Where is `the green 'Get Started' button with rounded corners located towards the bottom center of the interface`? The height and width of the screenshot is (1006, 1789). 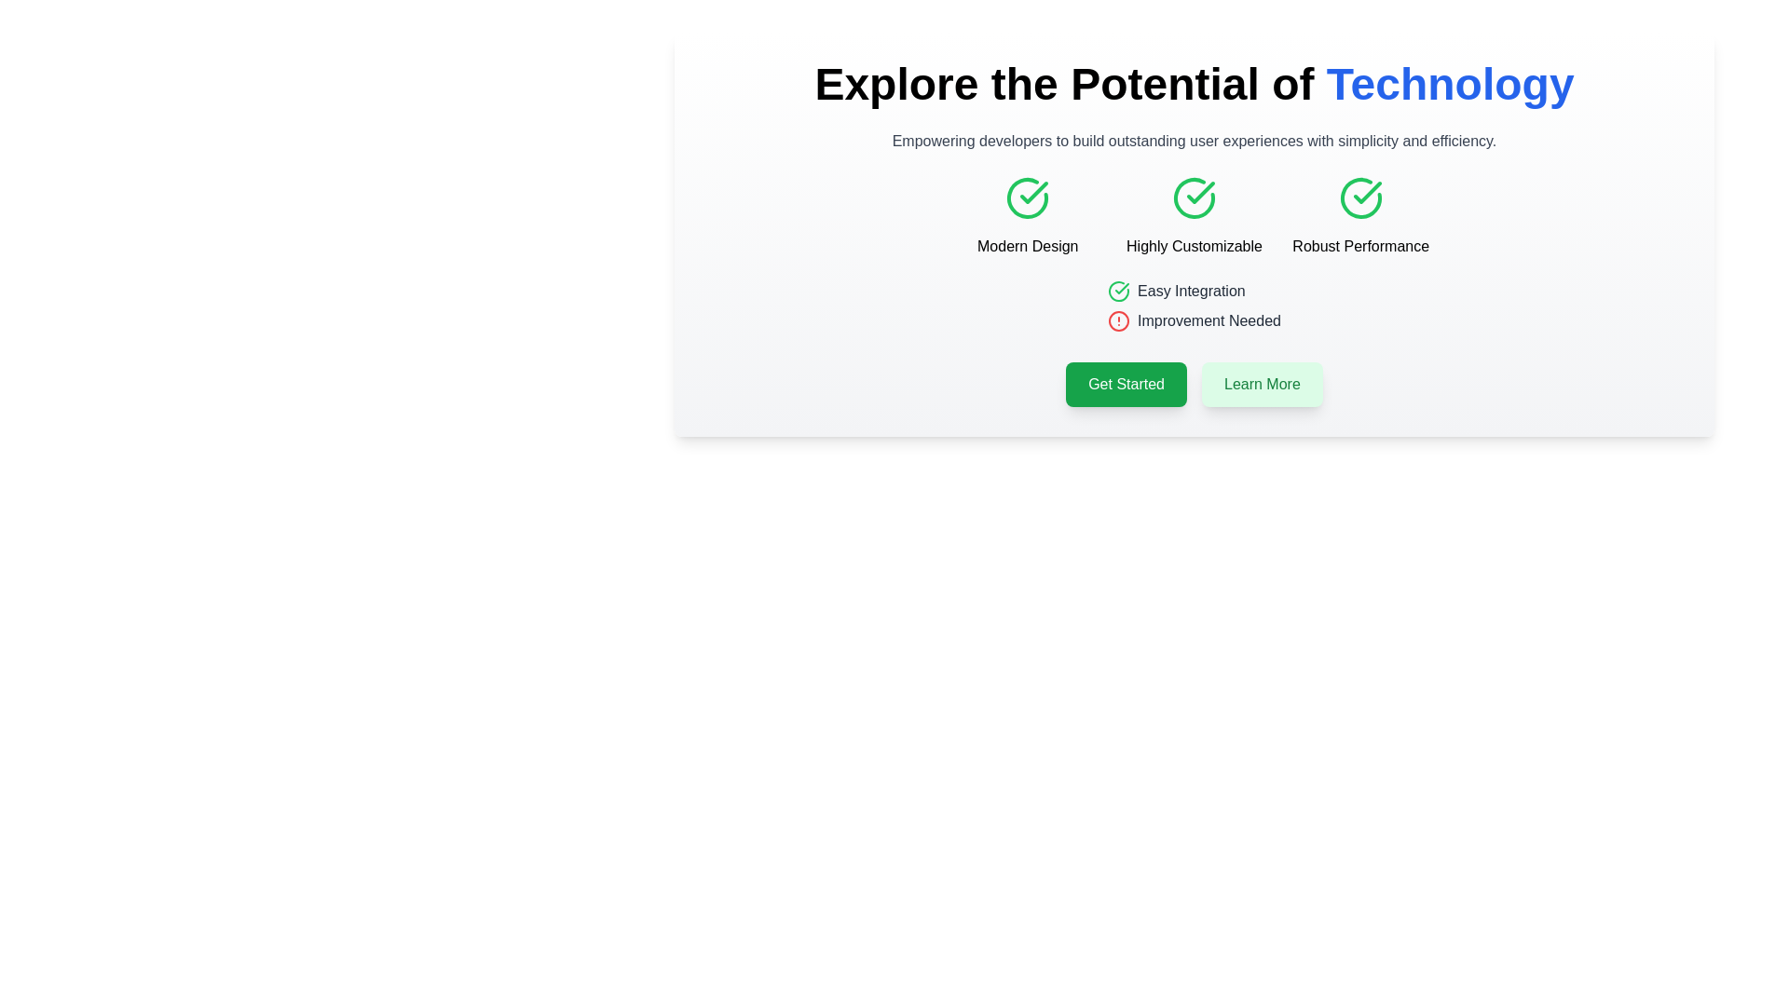
the green 'Get Started' button with rounded corners located towards the bottom center of the interface is located at coordinates (1126, 383).